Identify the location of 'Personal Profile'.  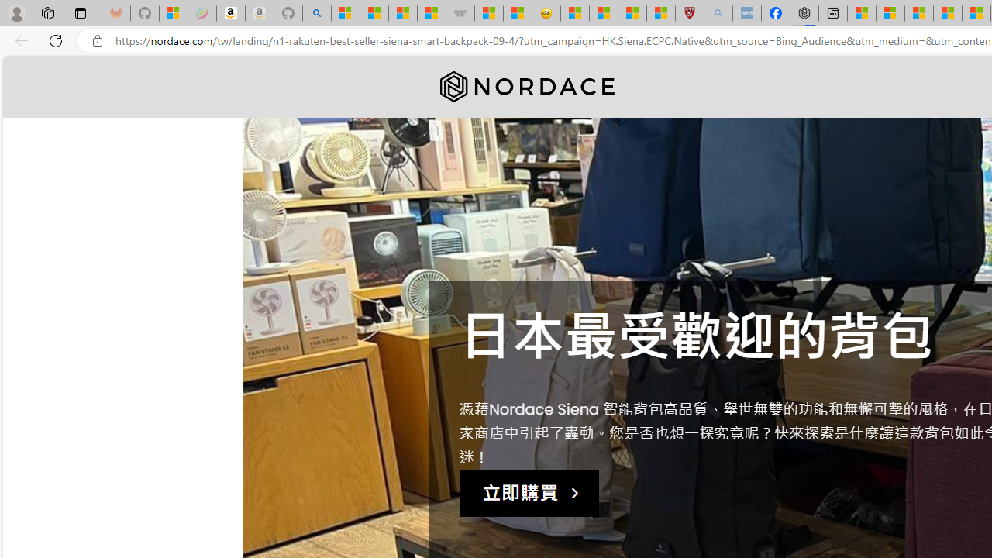
(16, 12).